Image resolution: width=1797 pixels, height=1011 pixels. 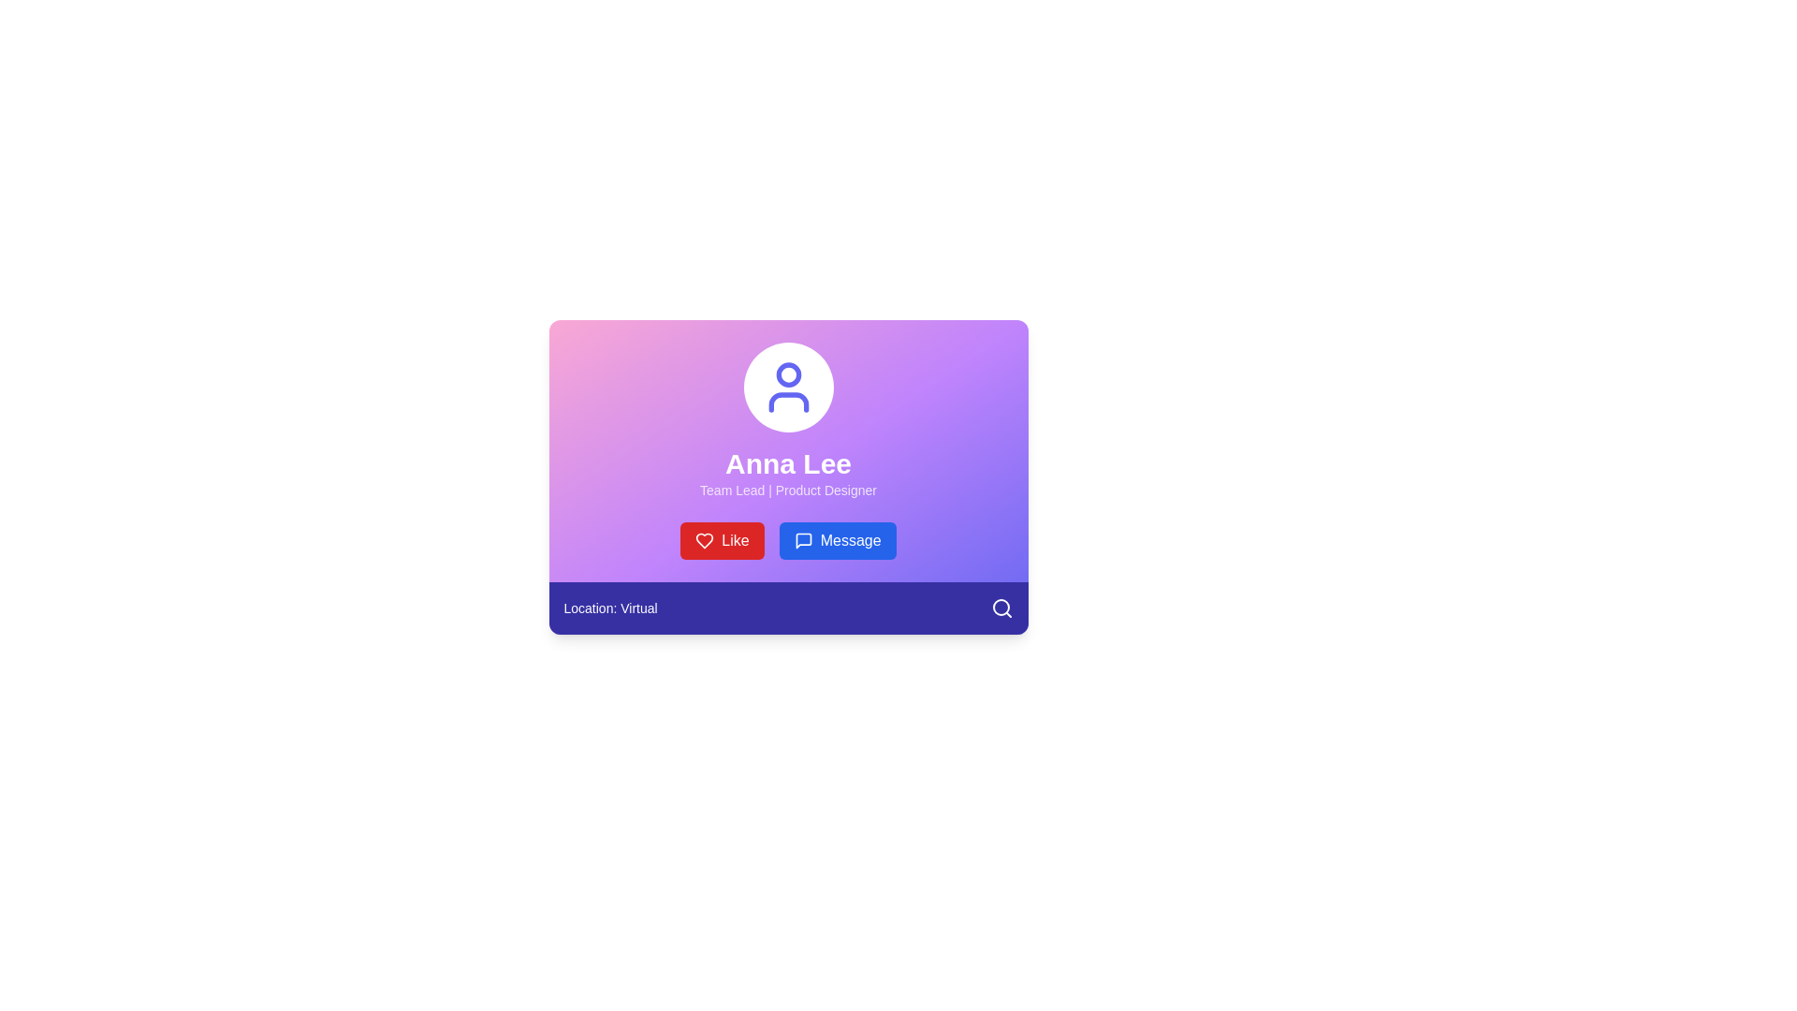 What do you see at coordinates (1000, 607) in the screenshot?
I see `the circular part of the magnifying glass icon located in the lower right corner of the purple bar at the bottom of the card` at bounding box center [1000, 607].